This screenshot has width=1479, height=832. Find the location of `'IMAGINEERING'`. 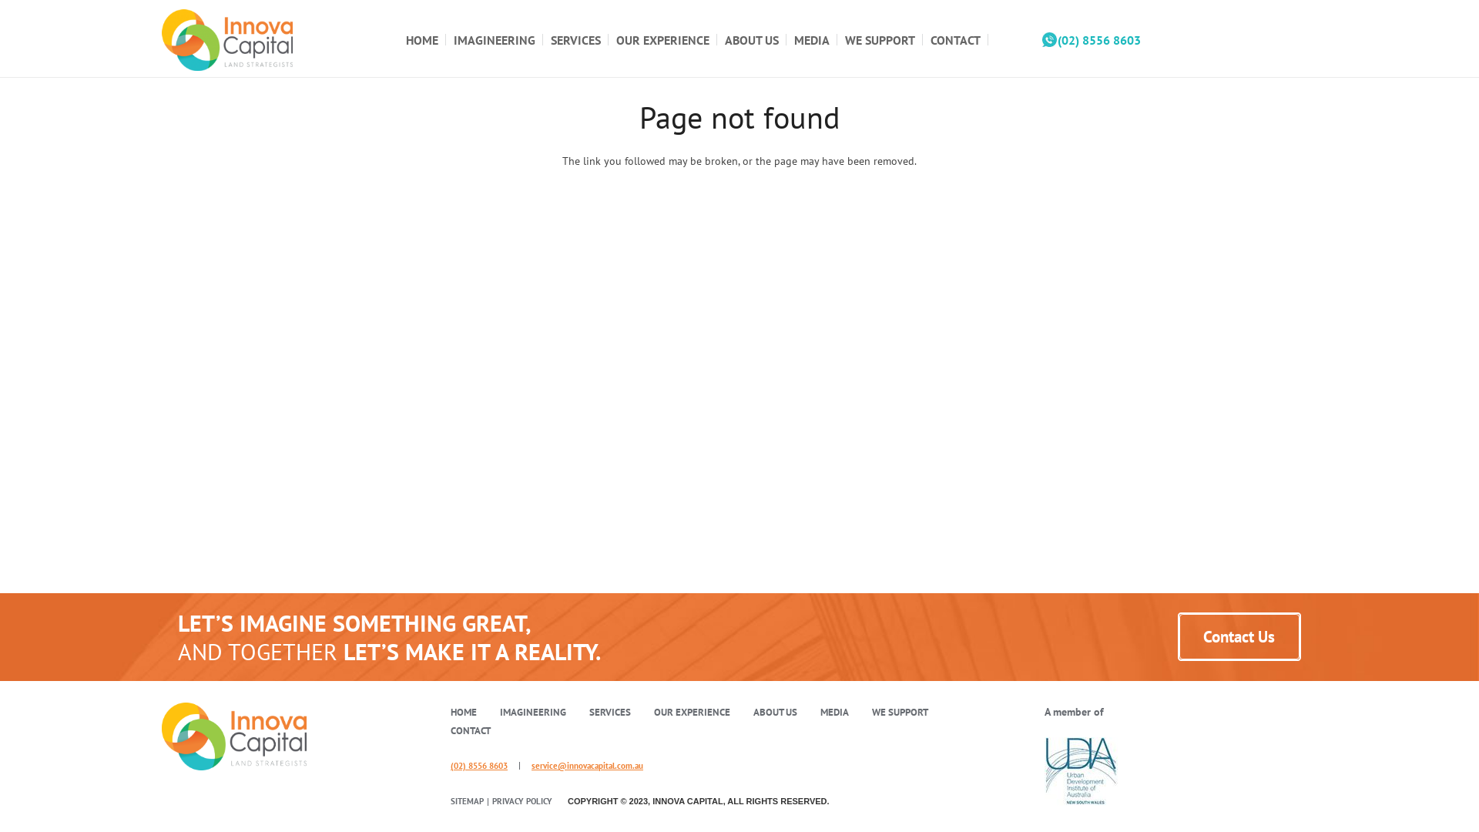

'IMAGINEERING' is located at coordinates (495, 38).